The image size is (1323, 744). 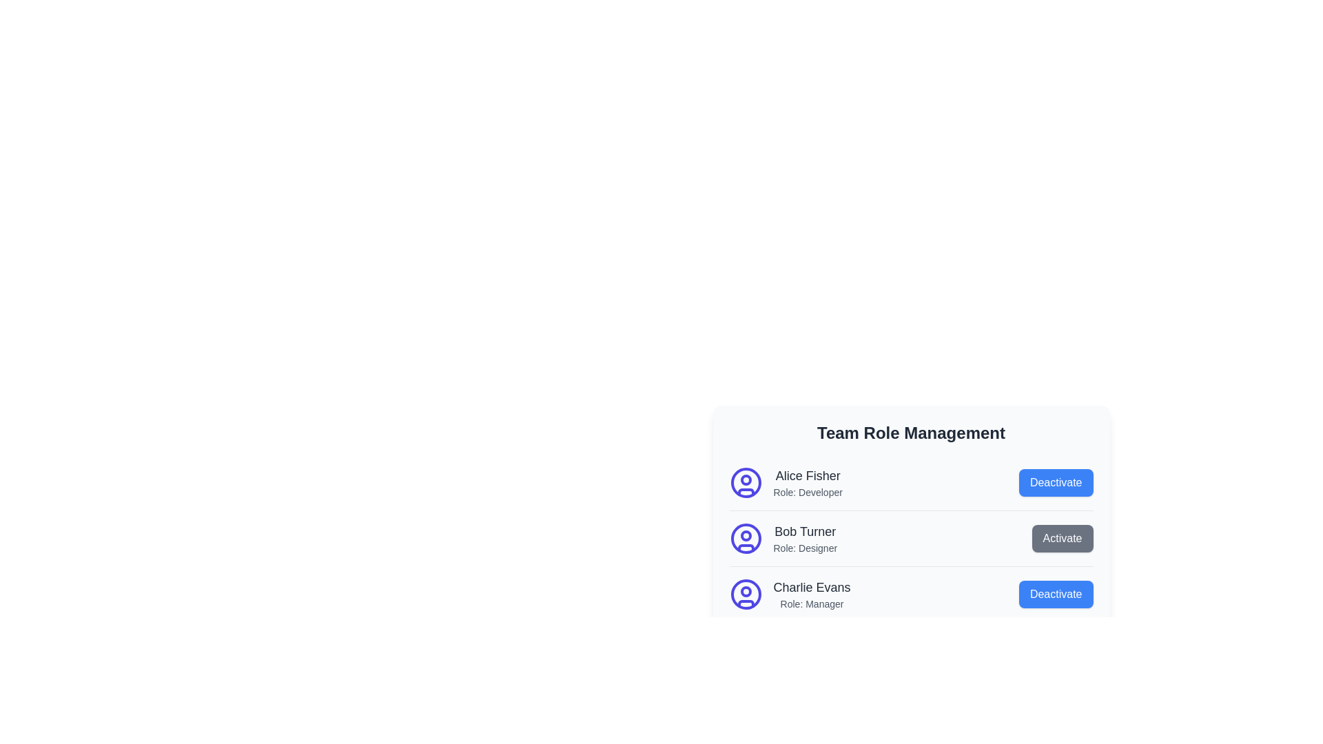 I want to click on the informational display item for 'Bob Turner', which features a blue person icon and the text 'Bob Turner' in bold followed by 'Role: Designer'. This item is situated between 'Alice Fisher' and 'Charlie Evans' in the 'Team Role Management' section, so click(x=783, y=538).